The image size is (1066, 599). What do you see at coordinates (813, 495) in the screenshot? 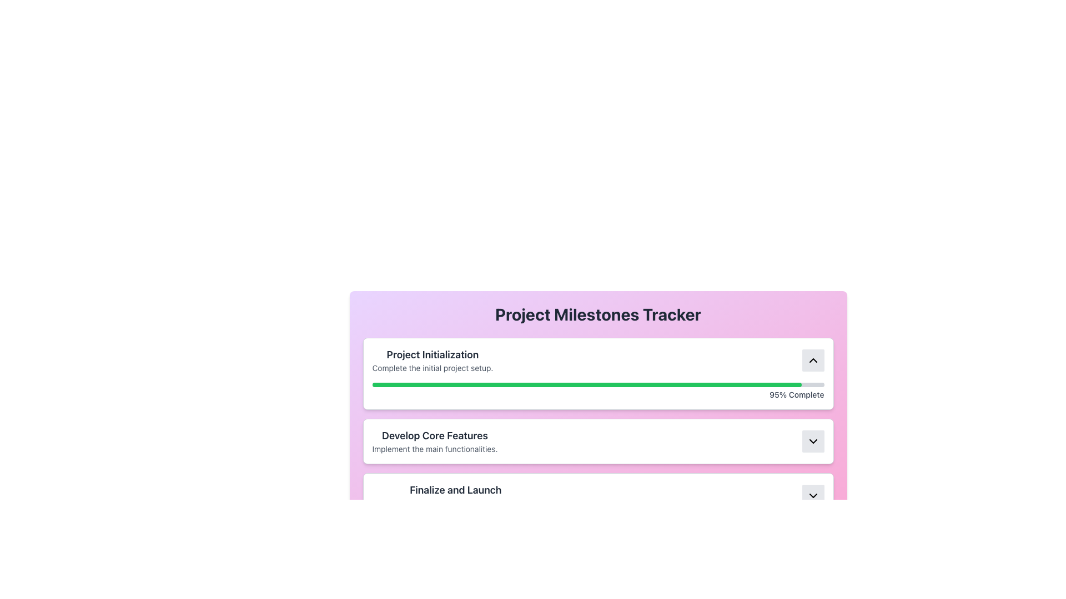
I see `the chevron down icon` at bounding box center [813, 495].